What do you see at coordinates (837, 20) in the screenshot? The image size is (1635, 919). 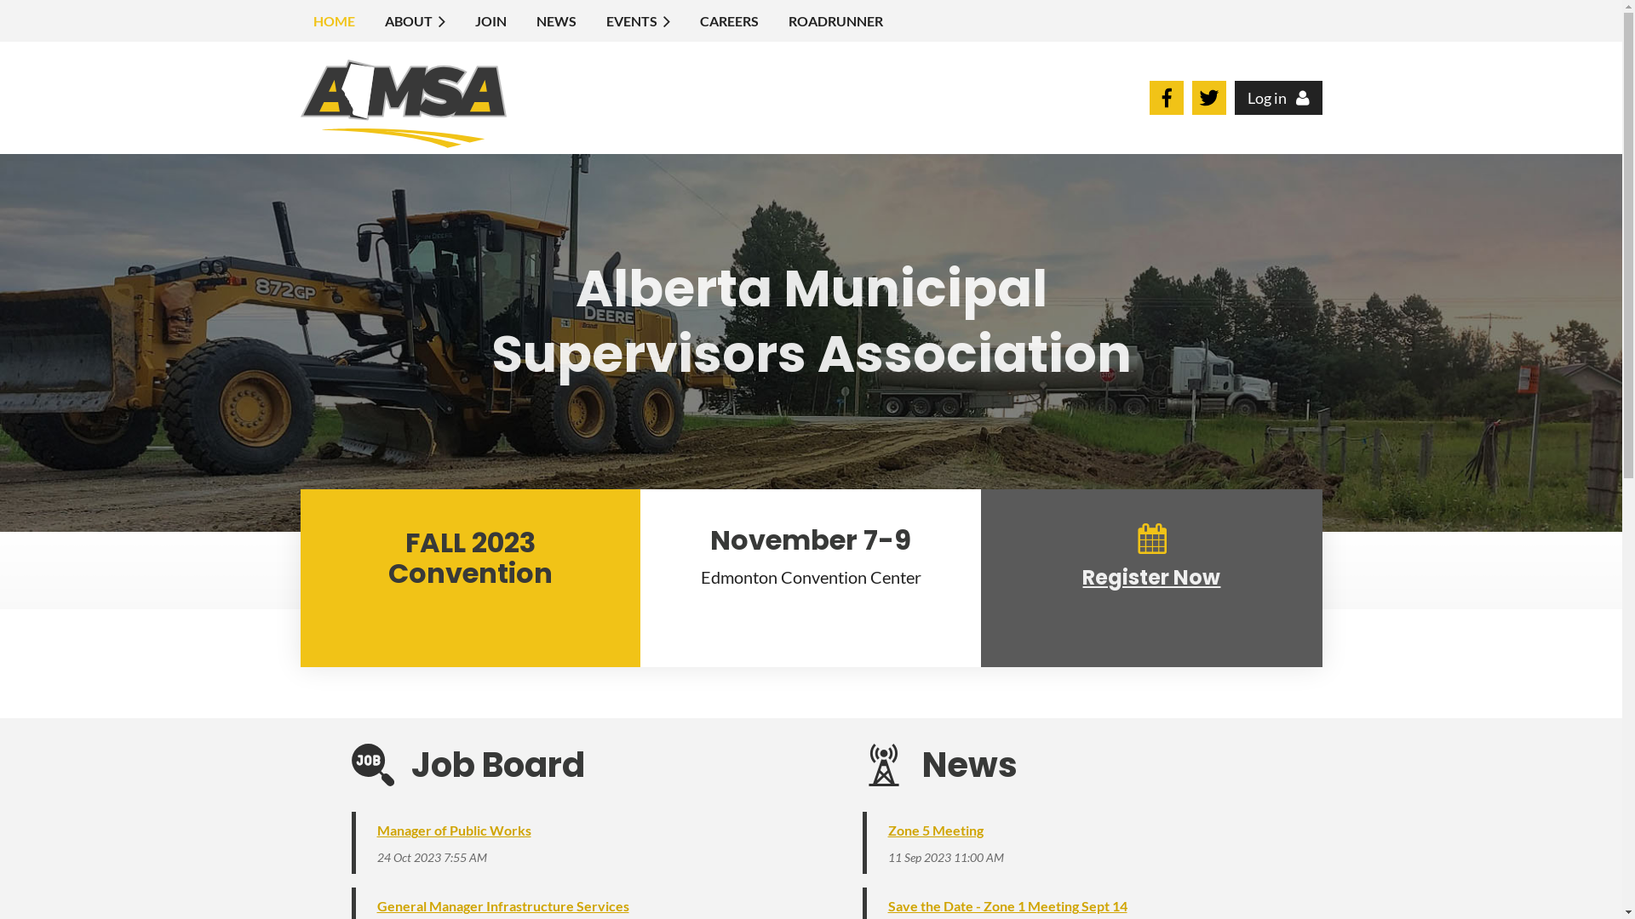 I see `'ROADRUNNER'` at bounding box center [837, 20].